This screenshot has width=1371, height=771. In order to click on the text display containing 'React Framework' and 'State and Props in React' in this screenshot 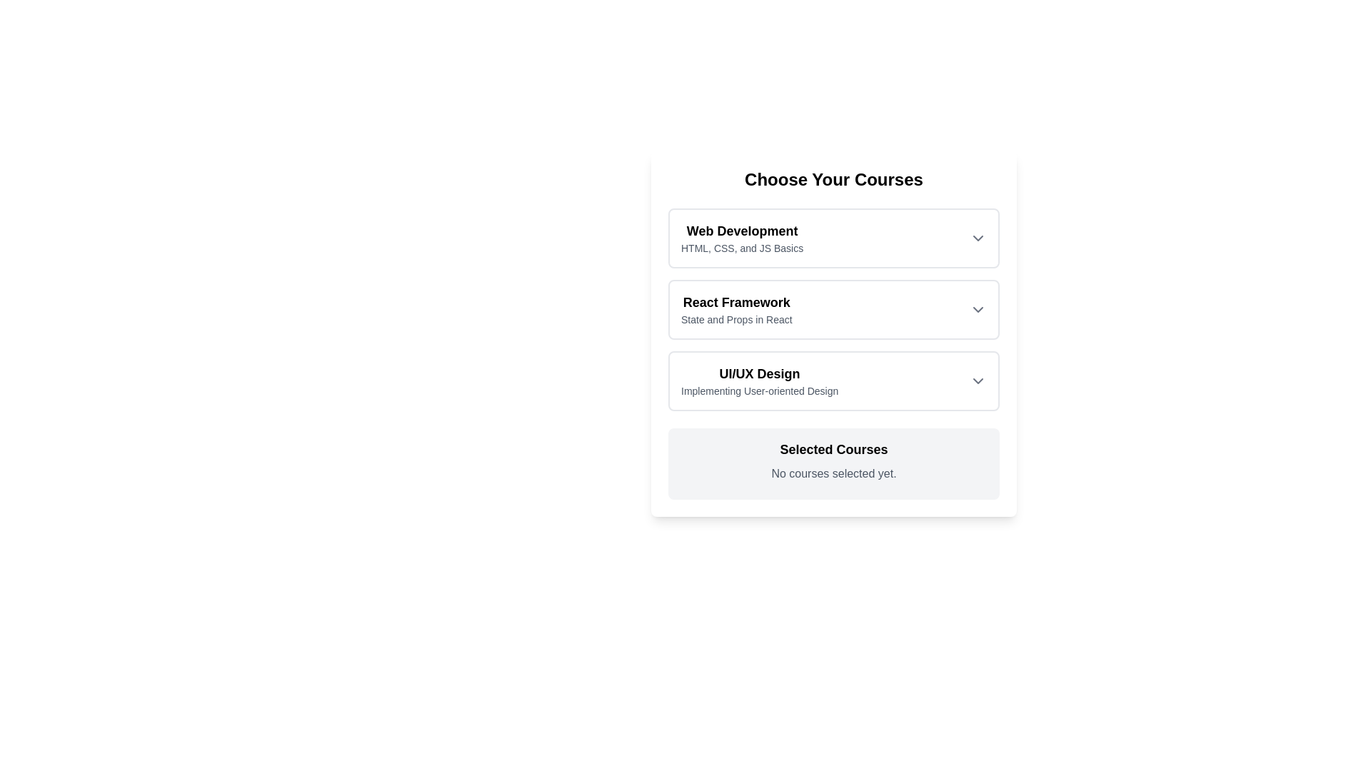, I will do `click(736, 309)`.